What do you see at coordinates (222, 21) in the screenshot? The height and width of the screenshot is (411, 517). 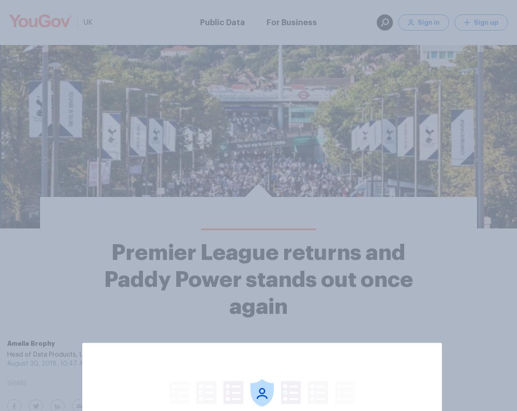 I see `'Public Data'` at bounding box center [222, 21].